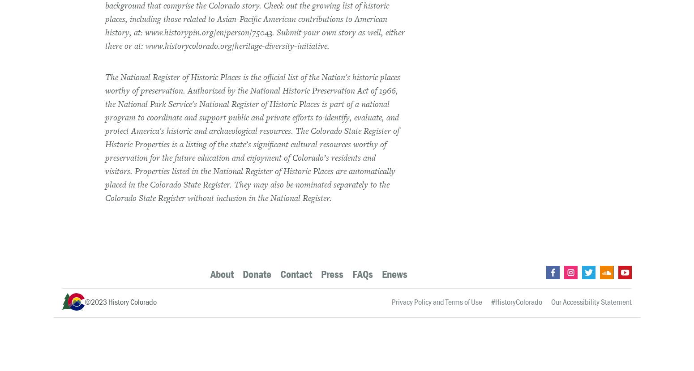 The width and height of the screenshot is (694, 371). I want to click on 'Donate', so click(257, 273).